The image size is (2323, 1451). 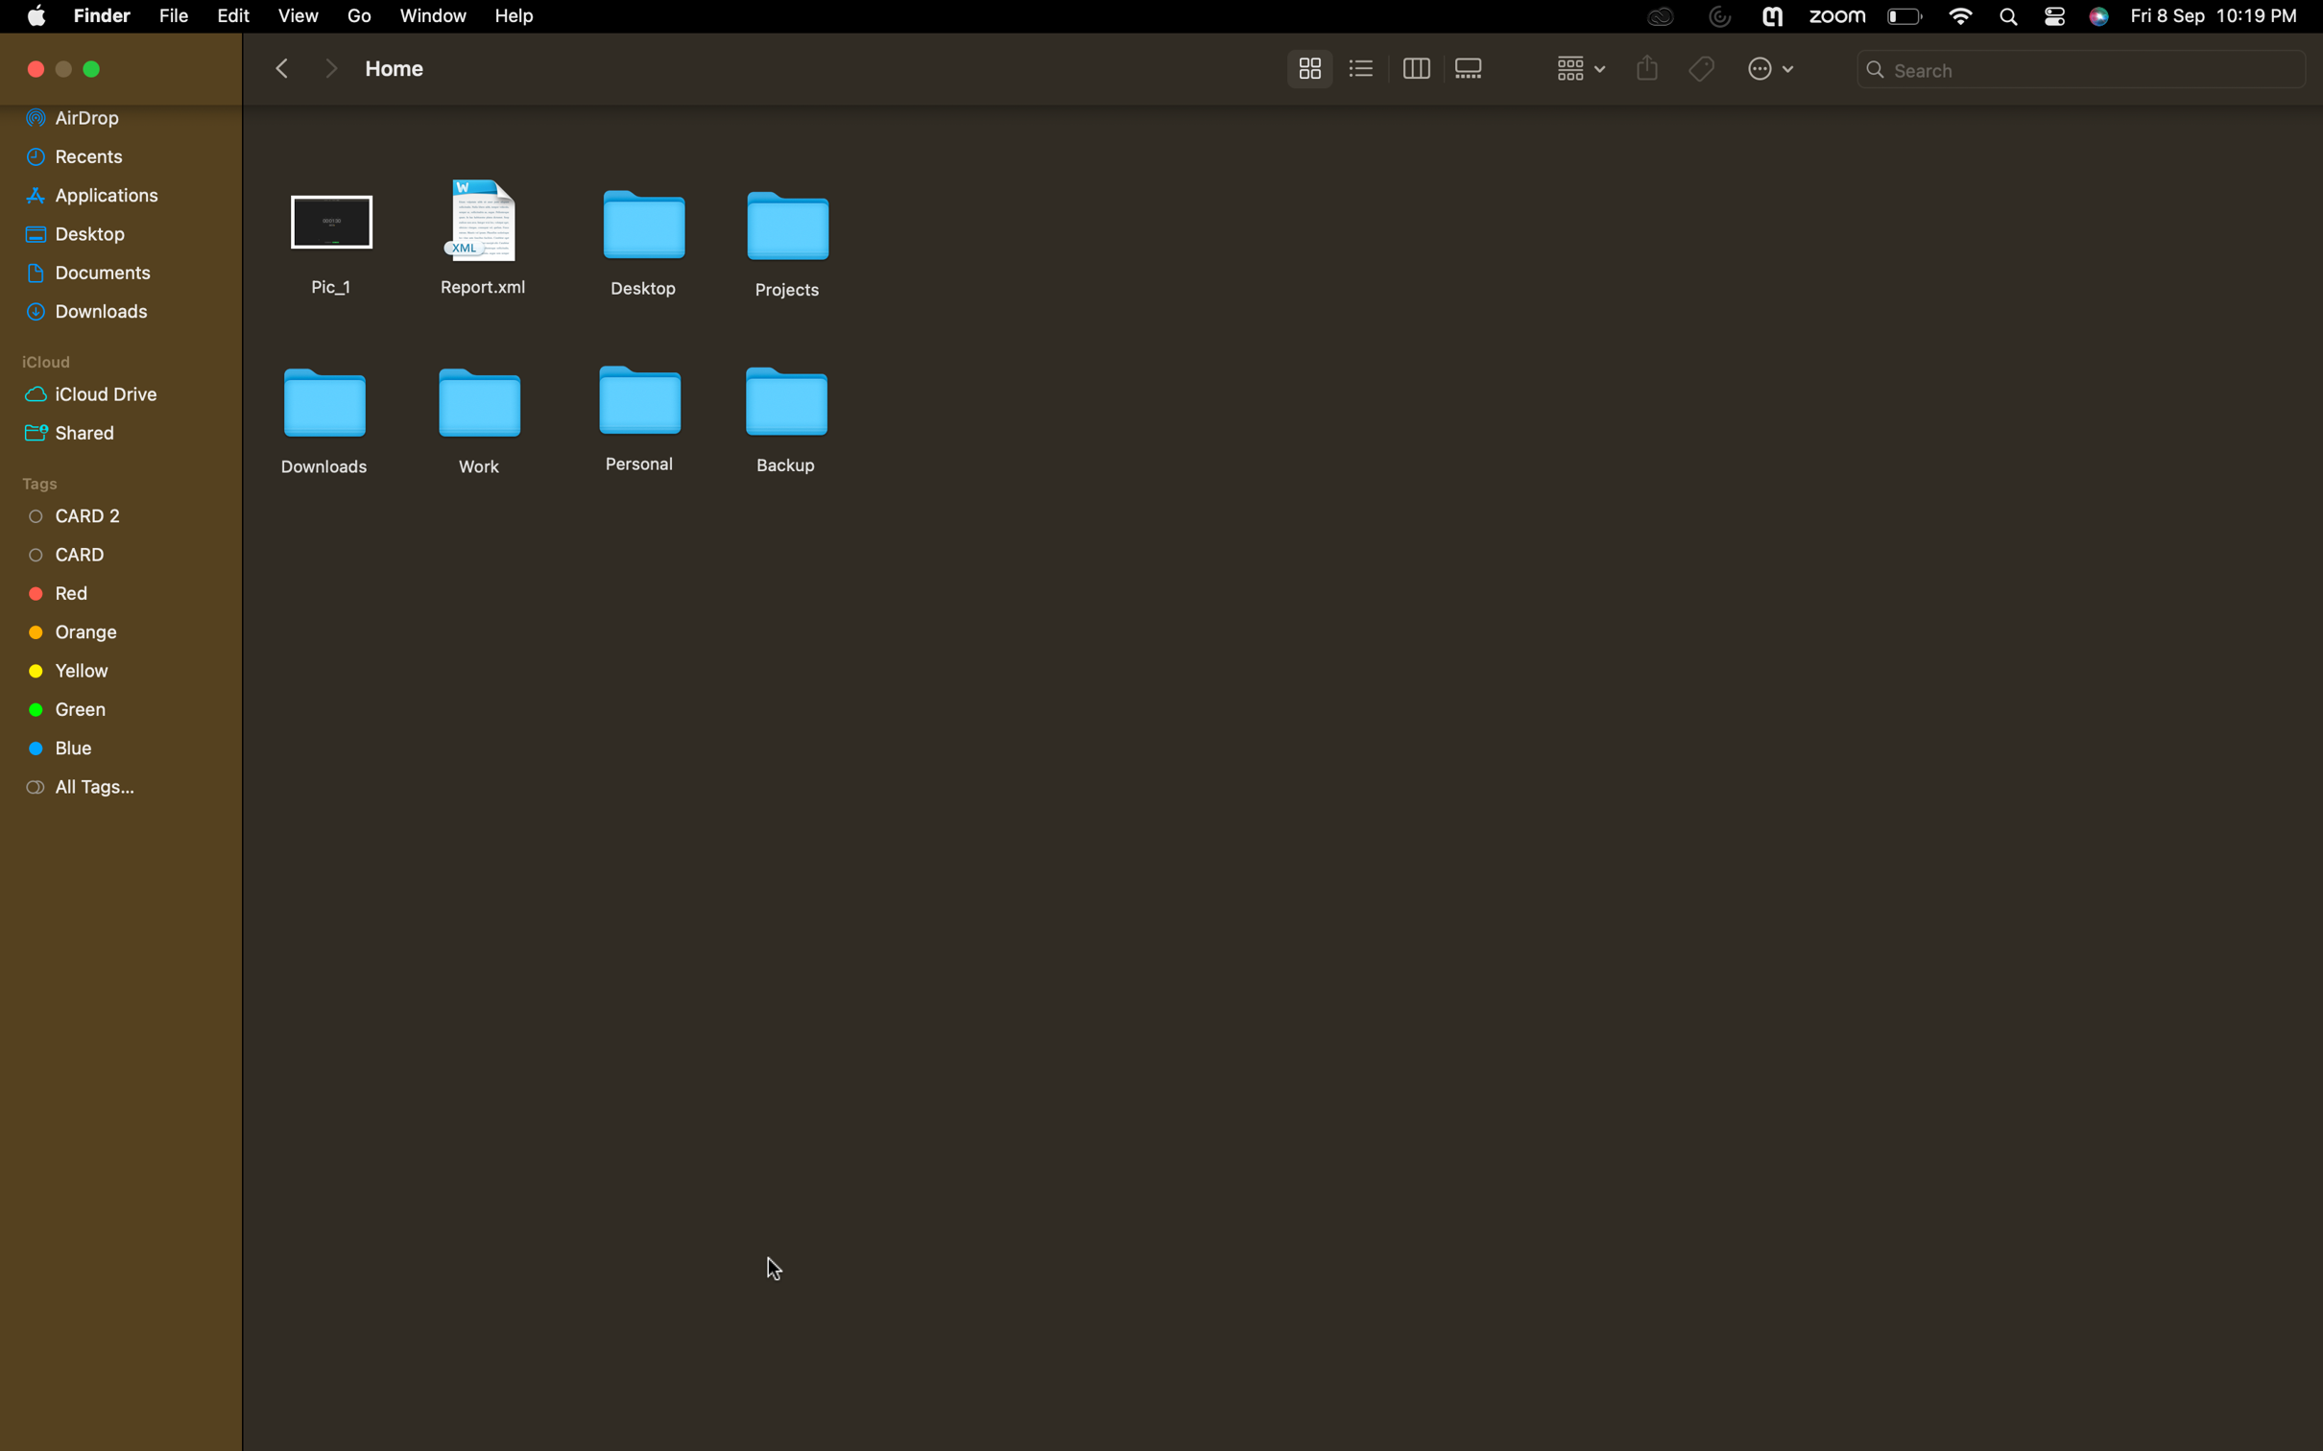 What do you see at coordinates (93, 70) in the screenshot?
I see `Minimize the Screen using the yellow button on top` at bounding box center [93, 70].